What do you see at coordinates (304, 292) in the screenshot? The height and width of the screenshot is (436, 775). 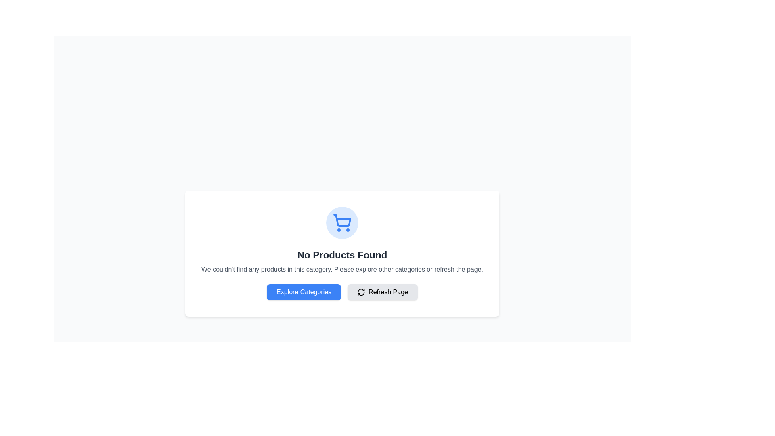 I see `the button labeled 'Explore Categories' to observe the hover effect that changes its background color to a darker shade of blue` at bounding box center [304, 292].